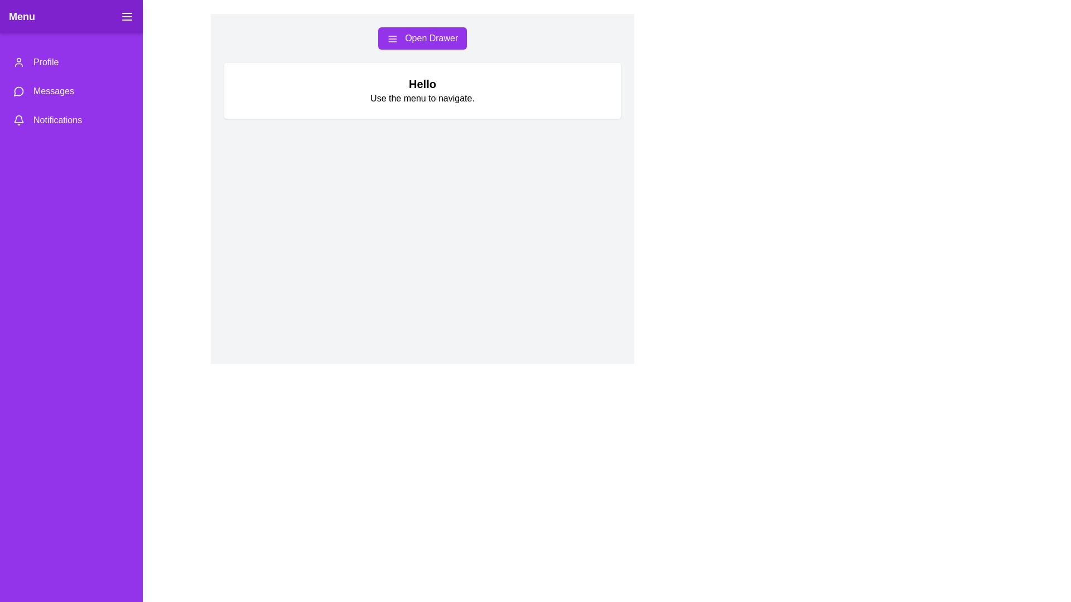 This screenshot has height=602, width=1071. What do you see at coordinates (22, 17) in the screenshot?
I see `the label or headline element located at the top-left corner of the horizontal purple menu bar` at bounding box center [22, 17].